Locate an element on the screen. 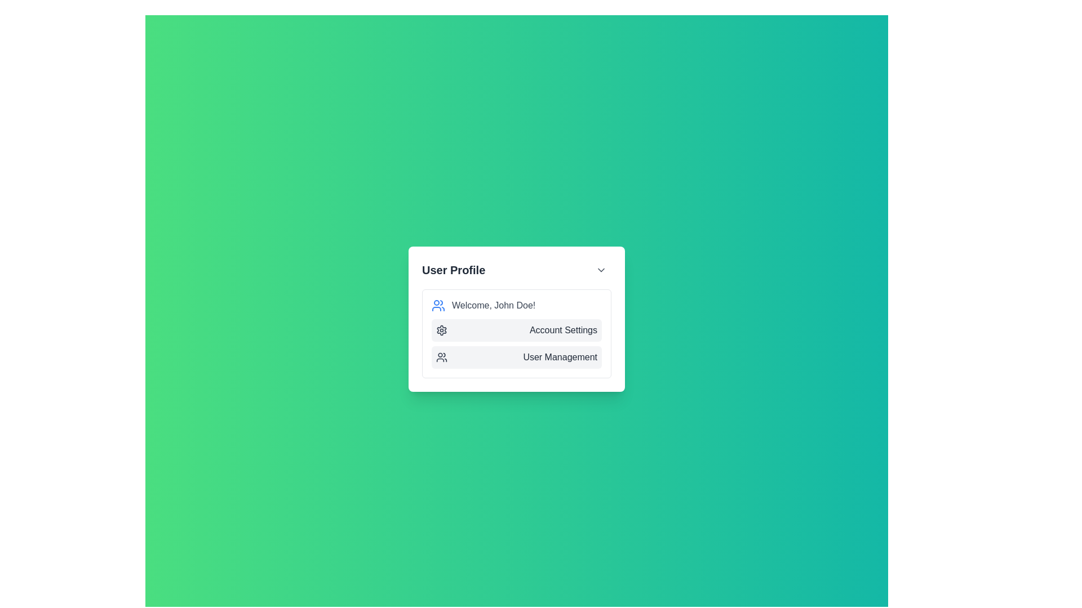 The width and height of the screenshot is (1082, 608). the downward chevron icon located in the top-right corner of the 'User Profile' panel is located at coordinates (600, 270).